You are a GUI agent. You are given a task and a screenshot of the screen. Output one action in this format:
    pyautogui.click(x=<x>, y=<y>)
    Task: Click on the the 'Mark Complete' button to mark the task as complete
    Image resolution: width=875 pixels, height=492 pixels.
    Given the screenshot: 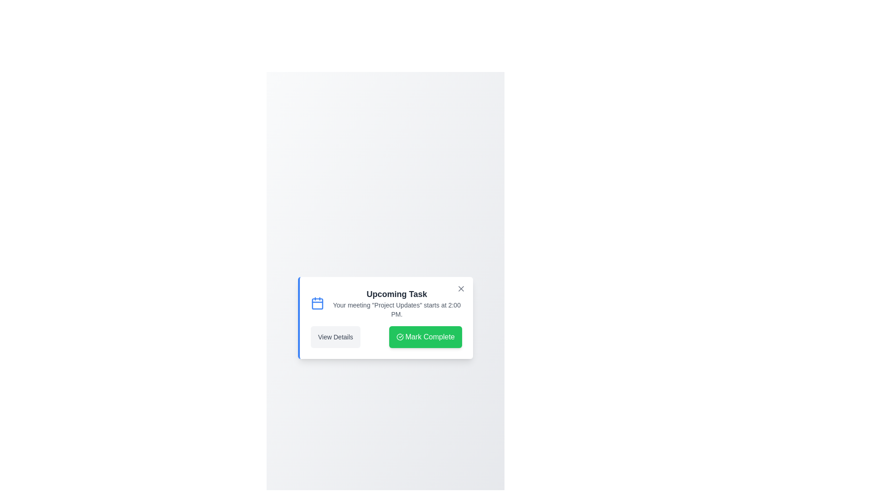 What is the action you would take?
    pyautogui.click(x=425, y=337)
    